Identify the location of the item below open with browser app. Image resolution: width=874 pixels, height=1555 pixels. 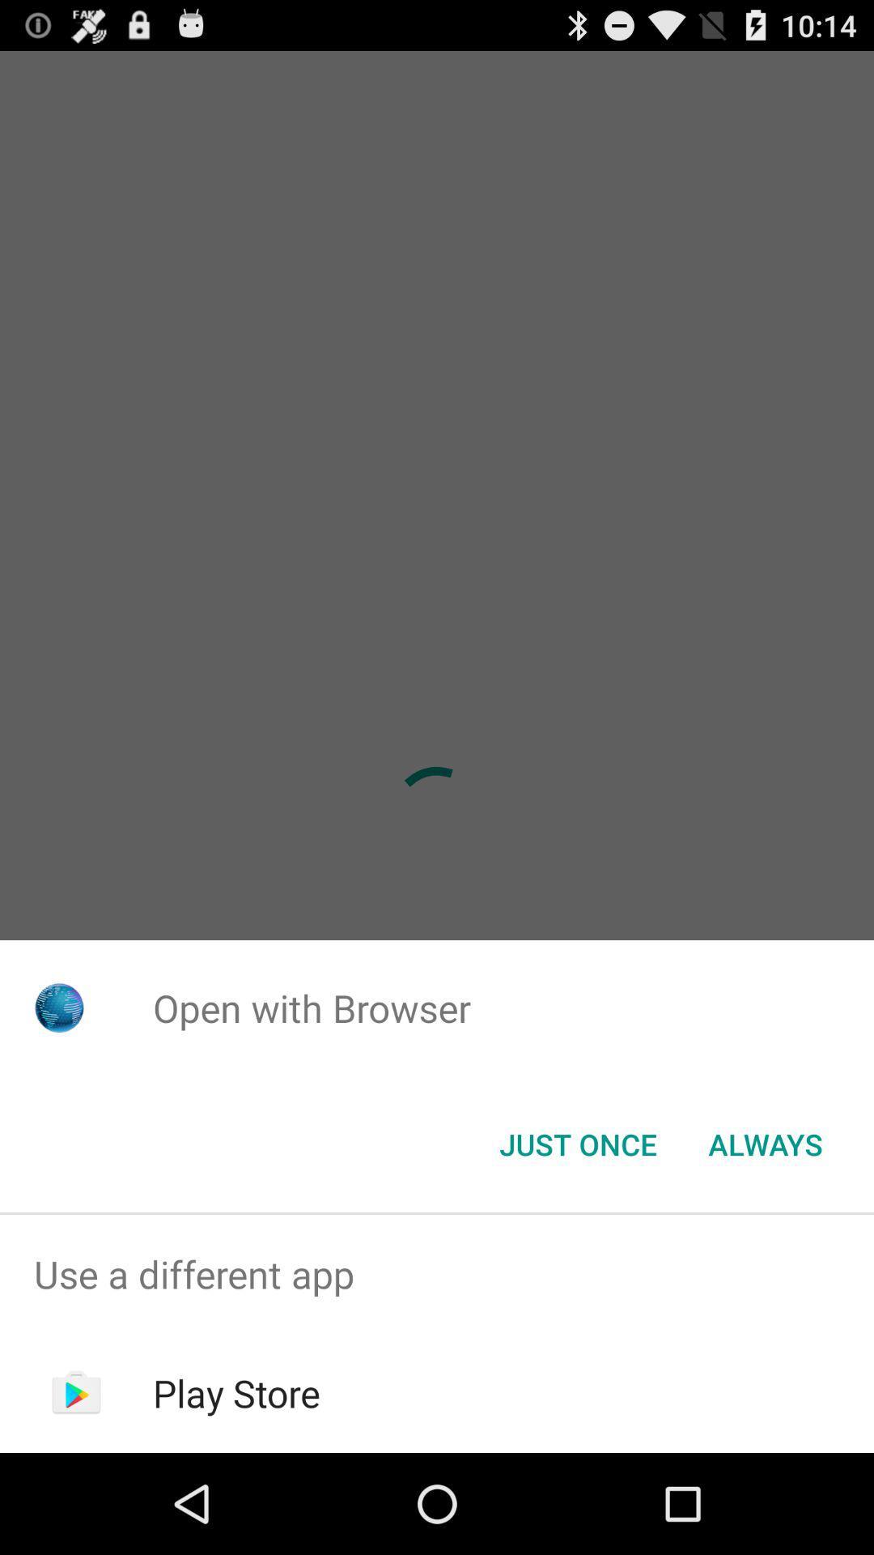
(577, 1143).